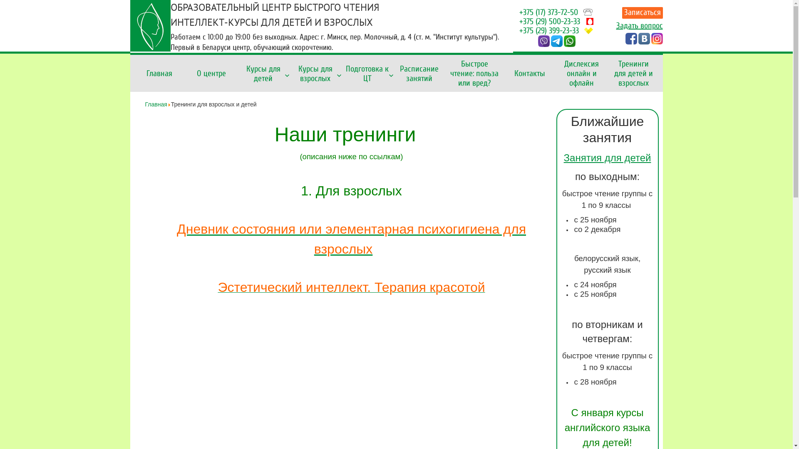  What do you see at coordinates (549, 21) in the screenshot?
I see `'+375 (29) 500-23-33'` at bounding box center [549, 21].